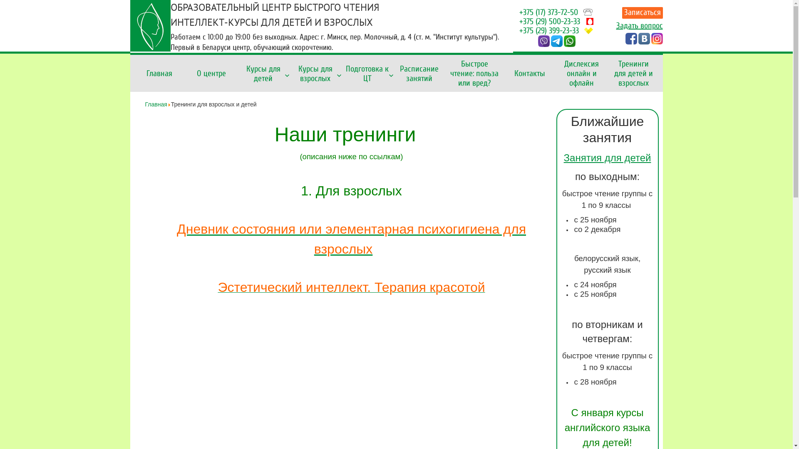  What do you see at coordinates (549, 21) in the screenshot?
I see `'+375 (29) 500-23-33'` at bounding box center [549, 21].